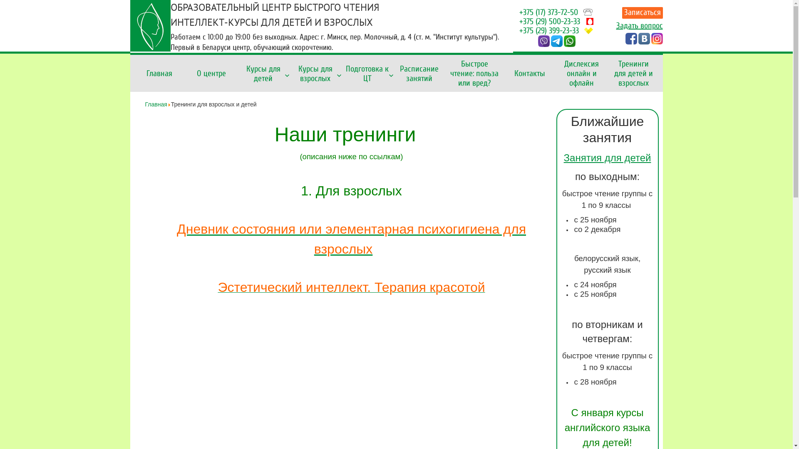  What do you see at coordinates (549, 21) in the screenshot?
I see `'+375 (29) 500-23-33'` at bounding box center [549, 21].